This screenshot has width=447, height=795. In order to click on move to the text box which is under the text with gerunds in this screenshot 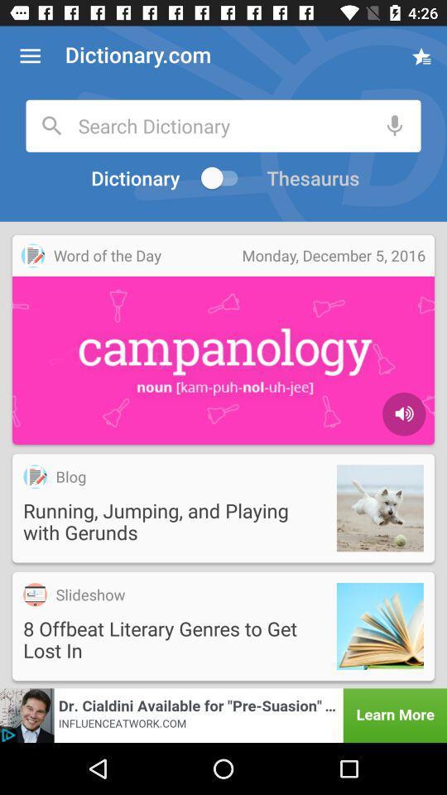, I will do `click(223, 625)`.